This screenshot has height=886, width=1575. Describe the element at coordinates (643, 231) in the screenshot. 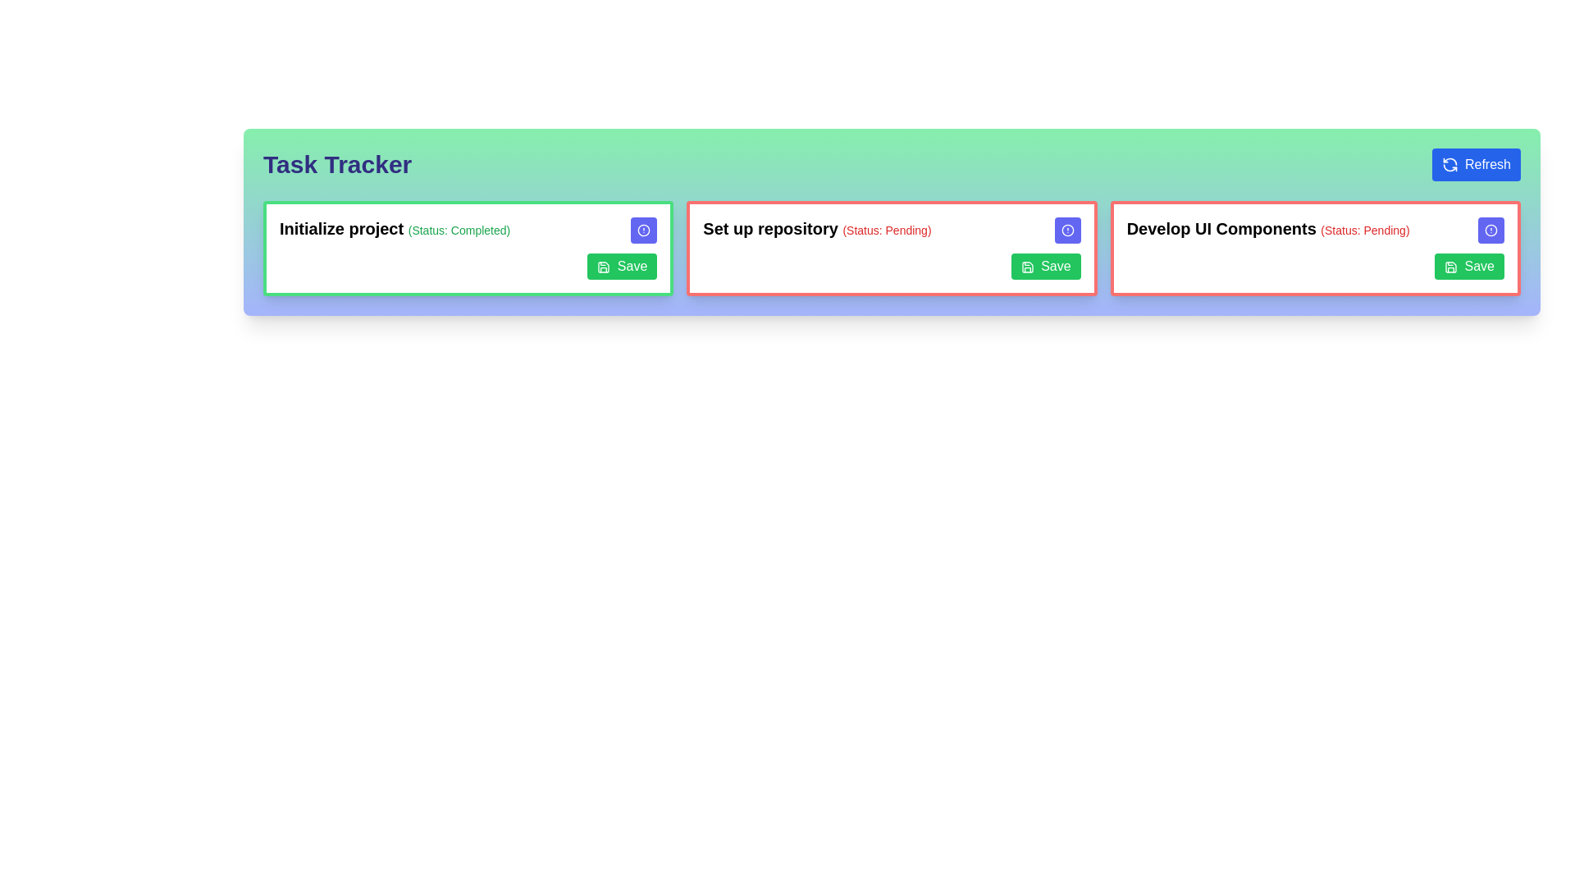

I see `the small circular icon with a white interior and currentColor-stroked border, located at the top-right corner of the 'Initialize project' card` at that location.